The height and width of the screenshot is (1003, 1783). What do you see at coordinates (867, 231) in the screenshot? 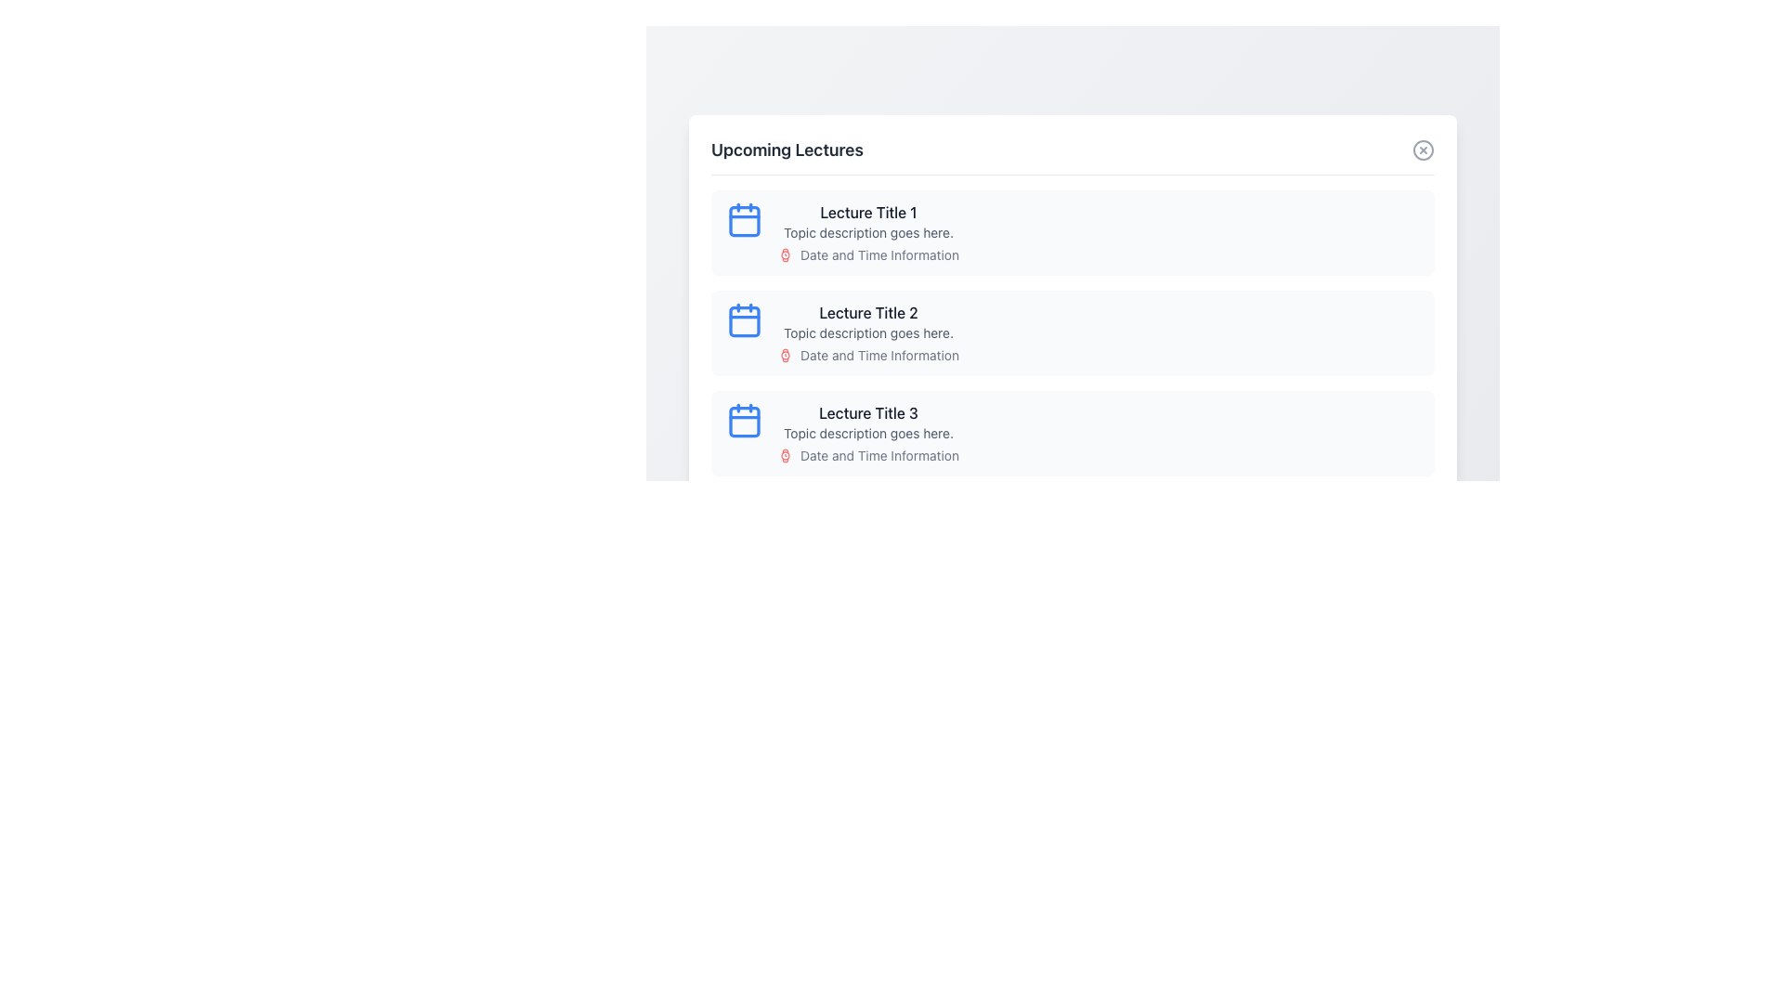
I see `the text element displaying 'Topic description goes here' which is located beneath 'Lecture Title 1' in the upcoming lectures card layout` at bounding box center [867, 231].